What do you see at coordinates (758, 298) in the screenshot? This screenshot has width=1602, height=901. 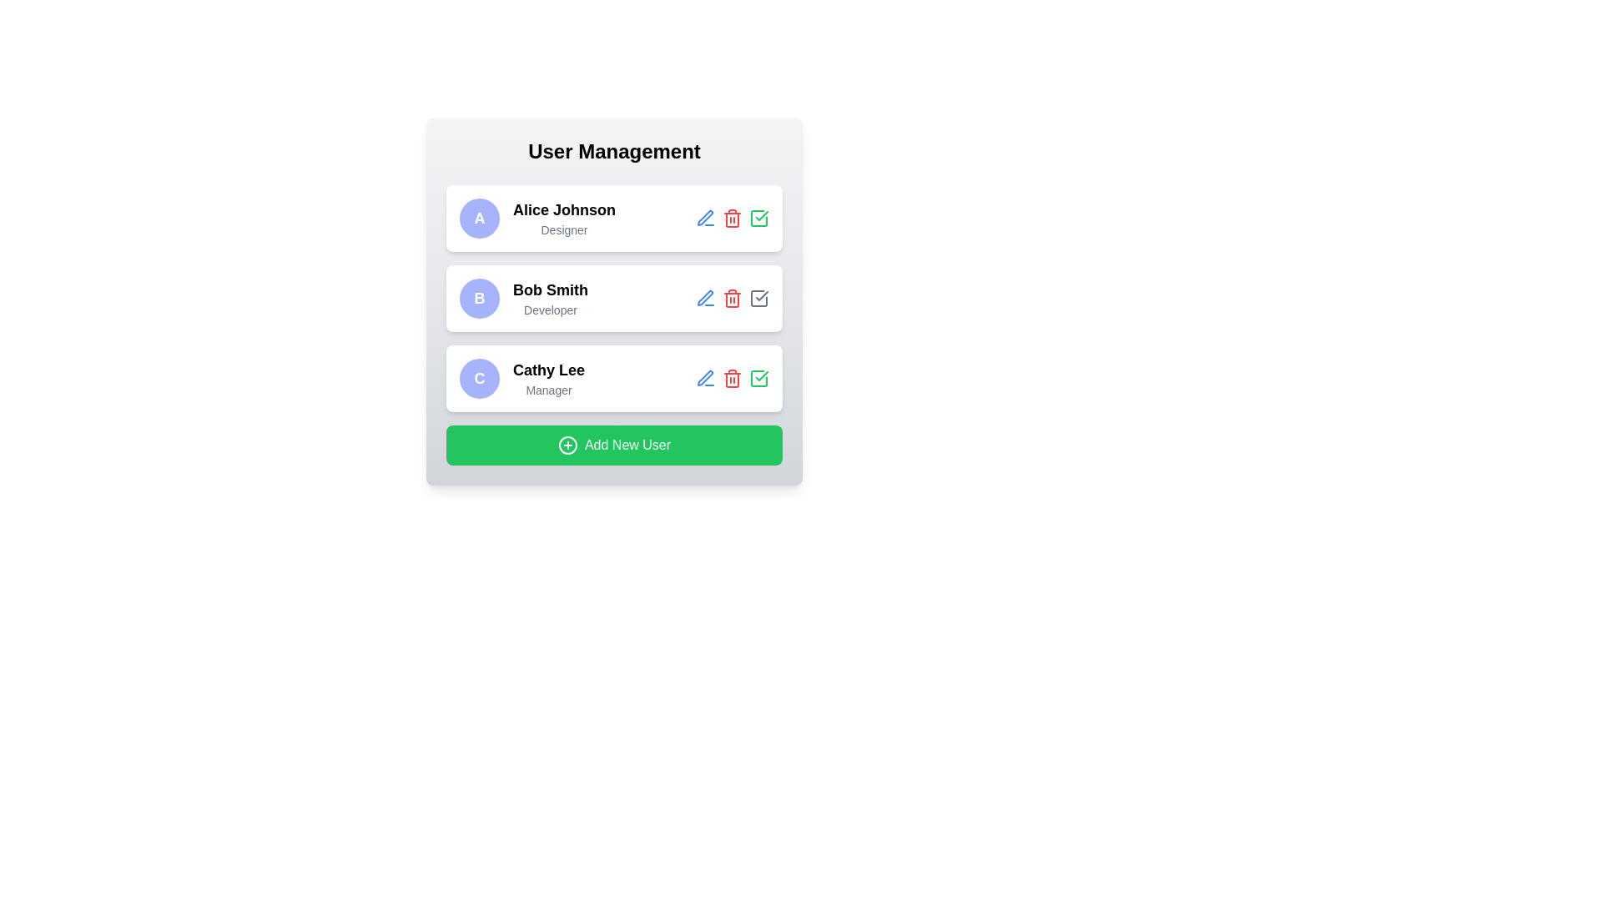 I see `the checkbox next to 'Bob Smith'` at bounding box center [758, 298].